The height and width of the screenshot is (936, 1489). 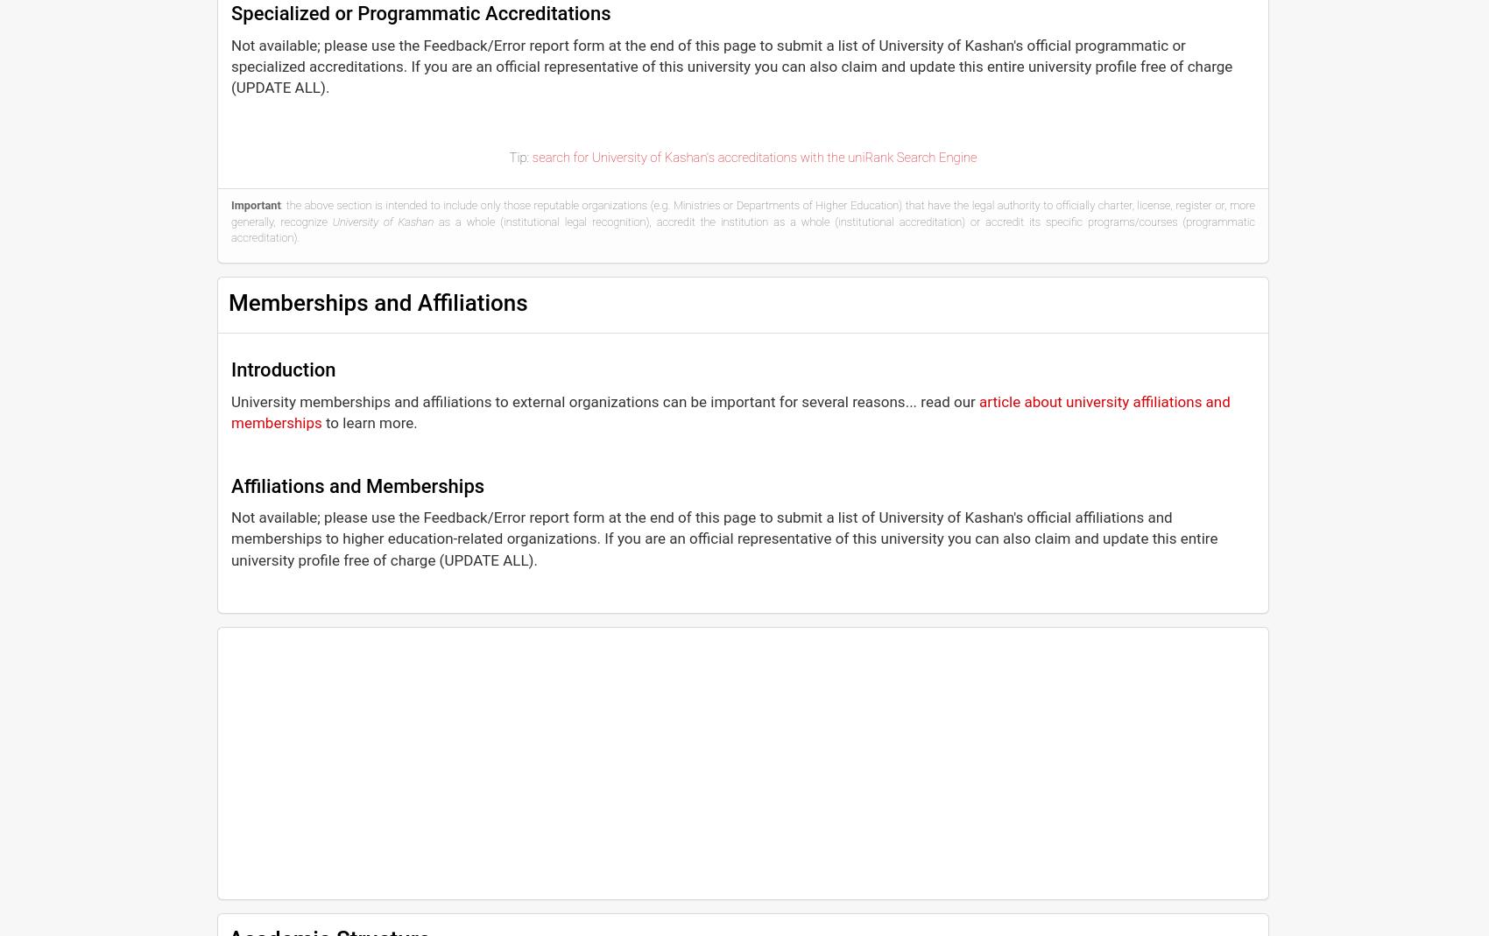 What do you see at coordinates (231, 411) in the screenshot?
I see `'article about university affiliations and memberships'` at bounding box center [231, 411].